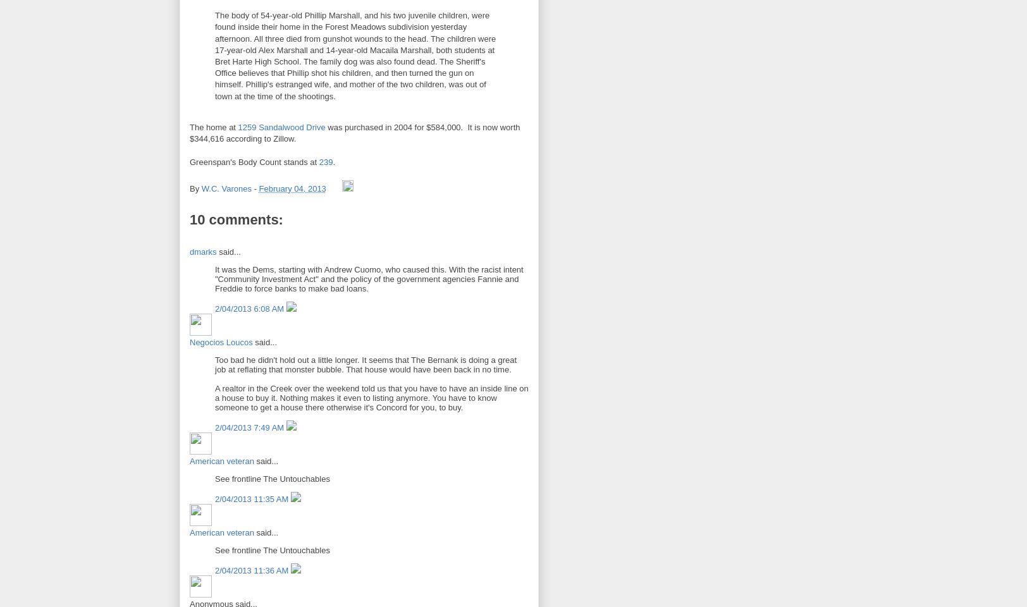 This screenshot has width=1027, height=607. Describe the element at coordinates (281, 126) in the screenshot. I see `'1259 Sandalwood Drive'` at that location.